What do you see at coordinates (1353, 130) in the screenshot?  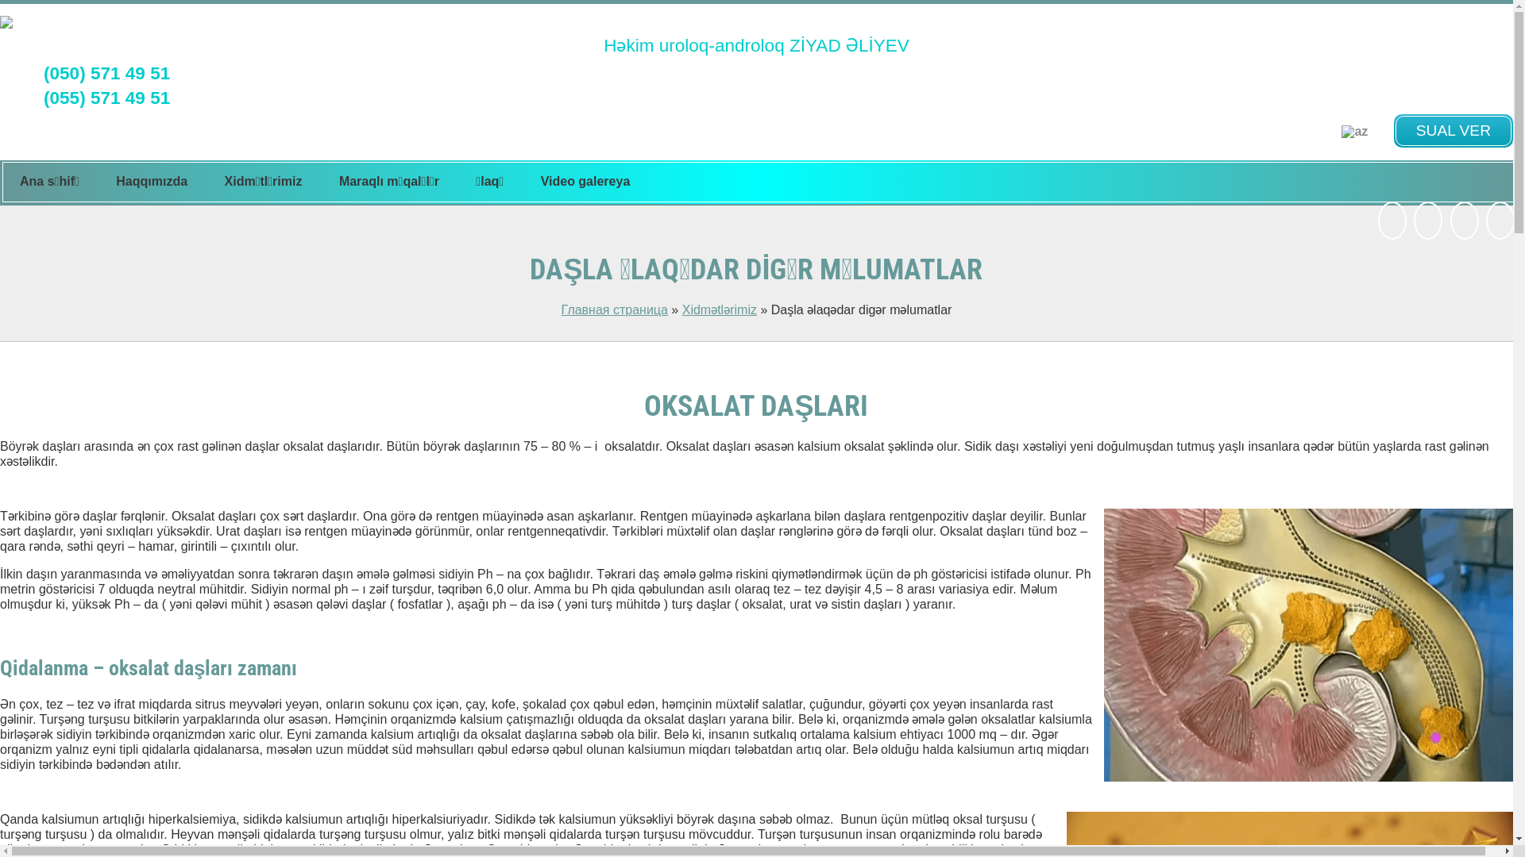 I see `'AZ'` at bounding box center [1353, 130].